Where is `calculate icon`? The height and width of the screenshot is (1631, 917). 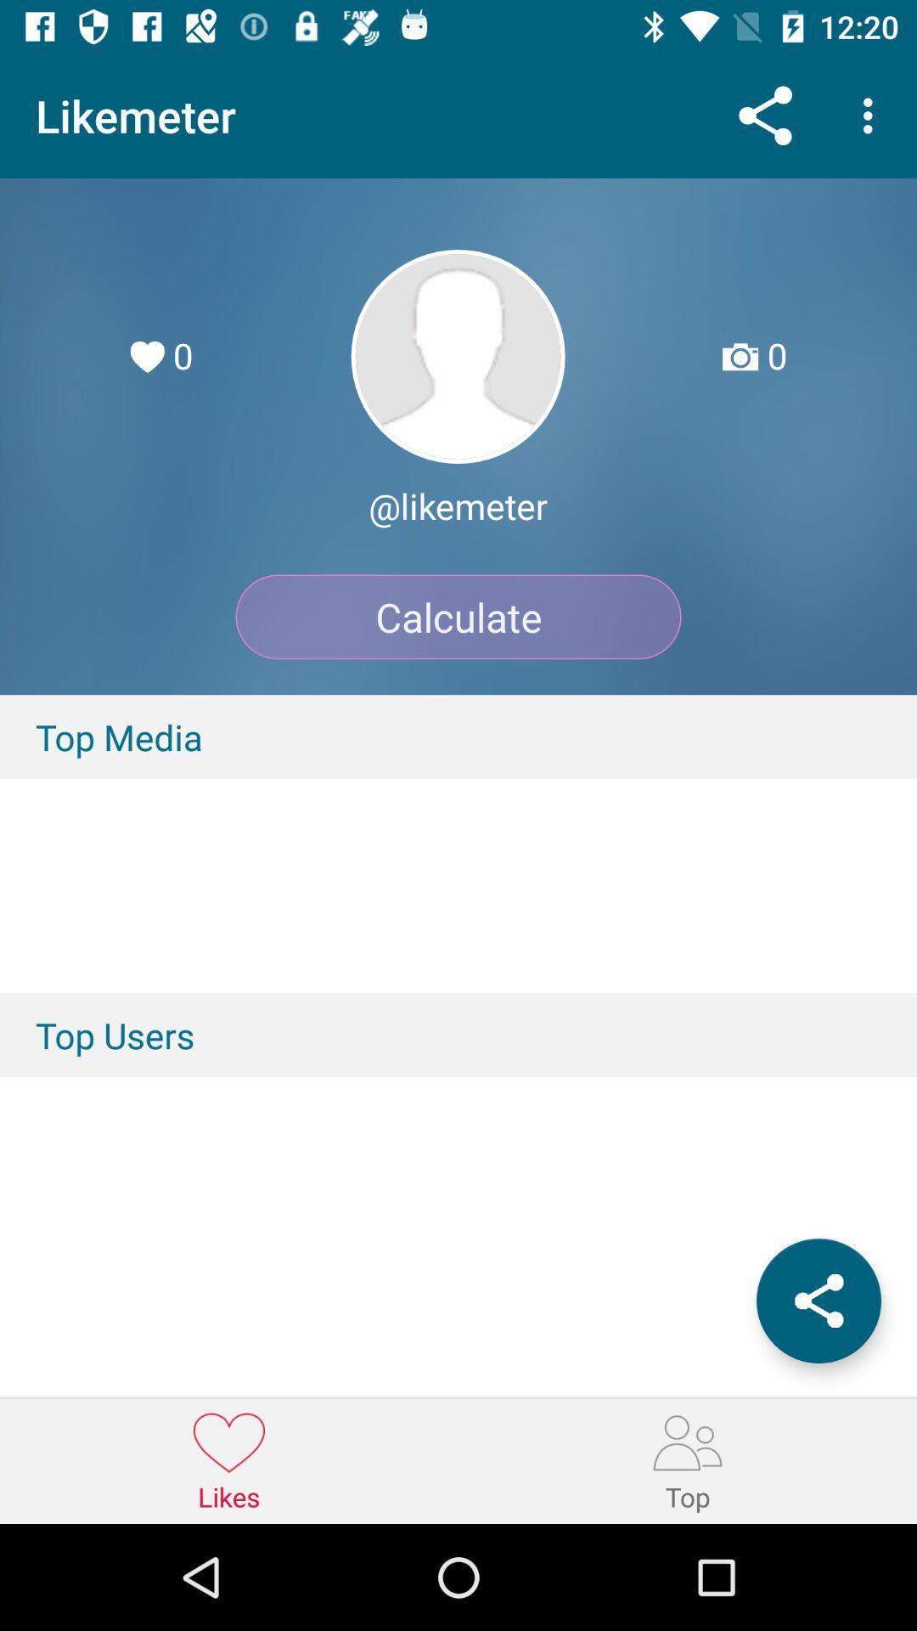 calculate icon is located at coordinates (458, 616).